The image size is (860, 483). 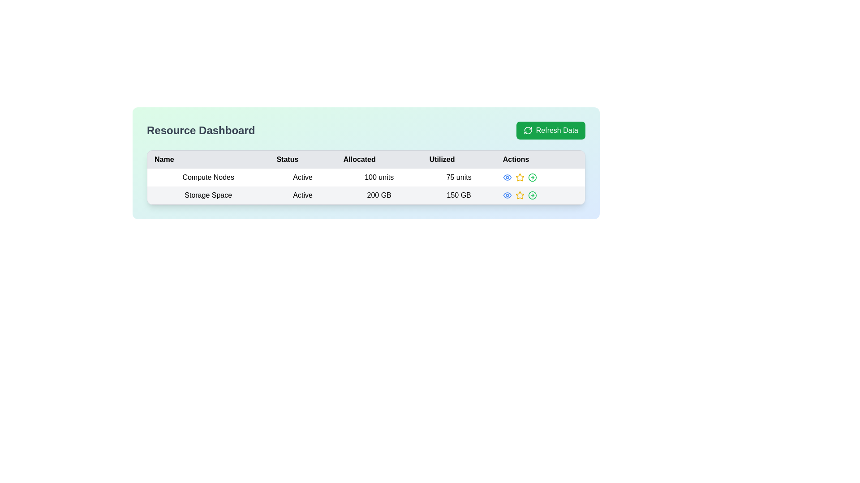 What do you see at coordinates (303, 195) in the screenshot?
I see `displayed text of the 'Active' label in the 'Status' column of the 'Storage Space' row` at bounding box center [303, 195].